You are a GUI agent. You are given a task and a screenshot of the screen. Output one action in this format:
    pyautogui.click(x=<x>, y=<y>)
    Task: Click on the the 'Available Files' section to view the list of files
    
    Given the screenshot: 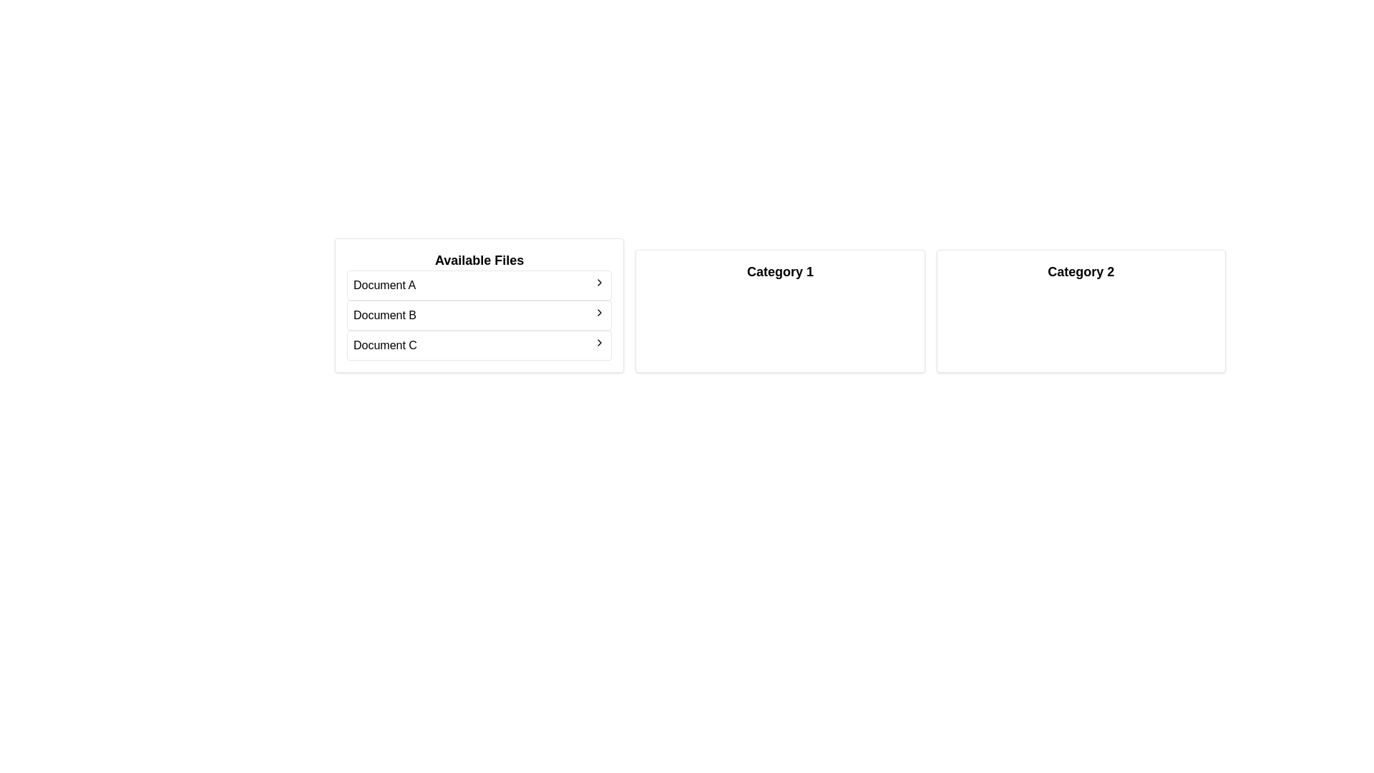 What is the action you would take?
    pyautogui.click(x=479, y=260)
    